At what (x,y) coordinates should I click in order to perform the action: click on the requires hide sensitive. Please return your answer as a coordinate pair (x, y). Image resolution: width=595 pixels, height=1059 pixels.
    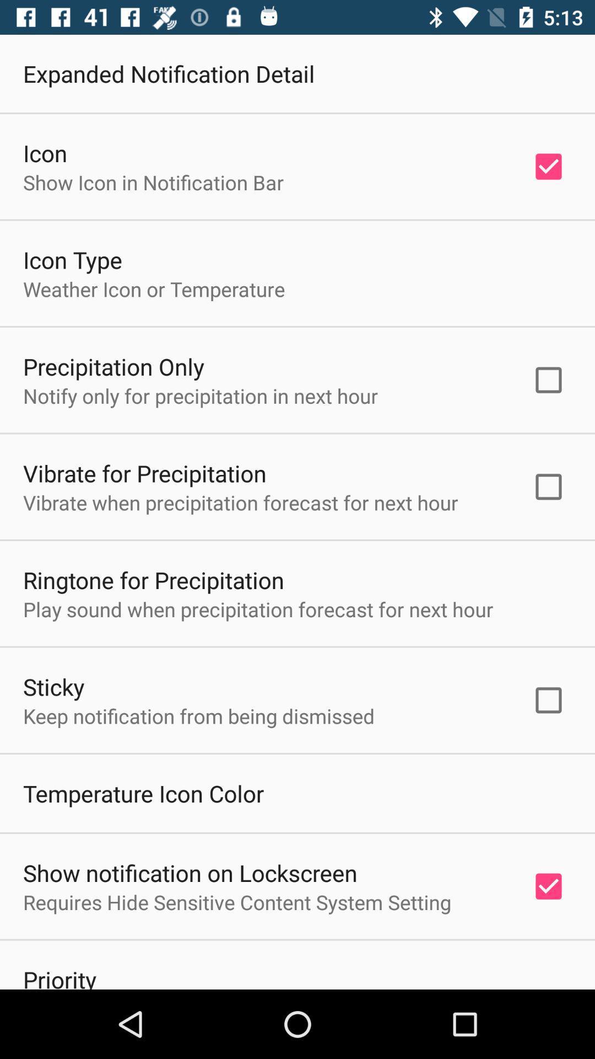
    Looking at the image, I should click on (236, 902).